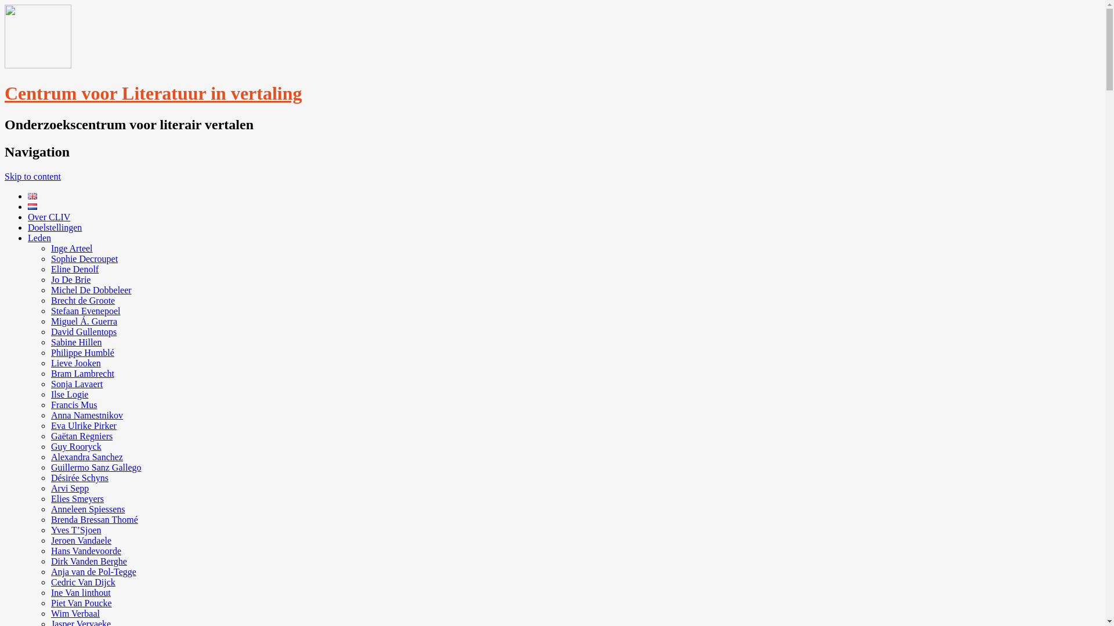  I want to click on 'David Gullentops', so click(83, 332).